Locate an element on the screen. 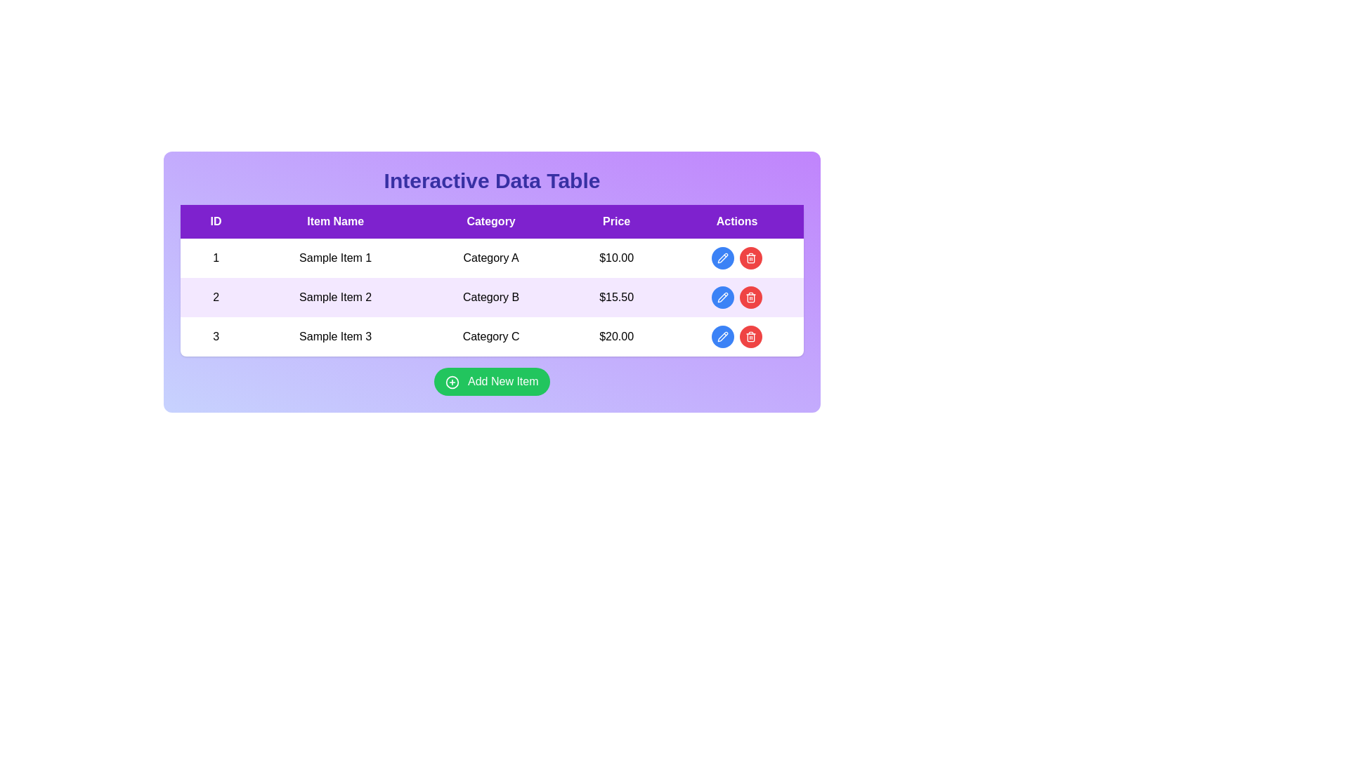 The width and height of the screenshot is (1349, 758). the Table Header Cell displaying 'Item Name' with a bold white font on a purple background, located in the second column of the header row is located at coordinates (334, 221).